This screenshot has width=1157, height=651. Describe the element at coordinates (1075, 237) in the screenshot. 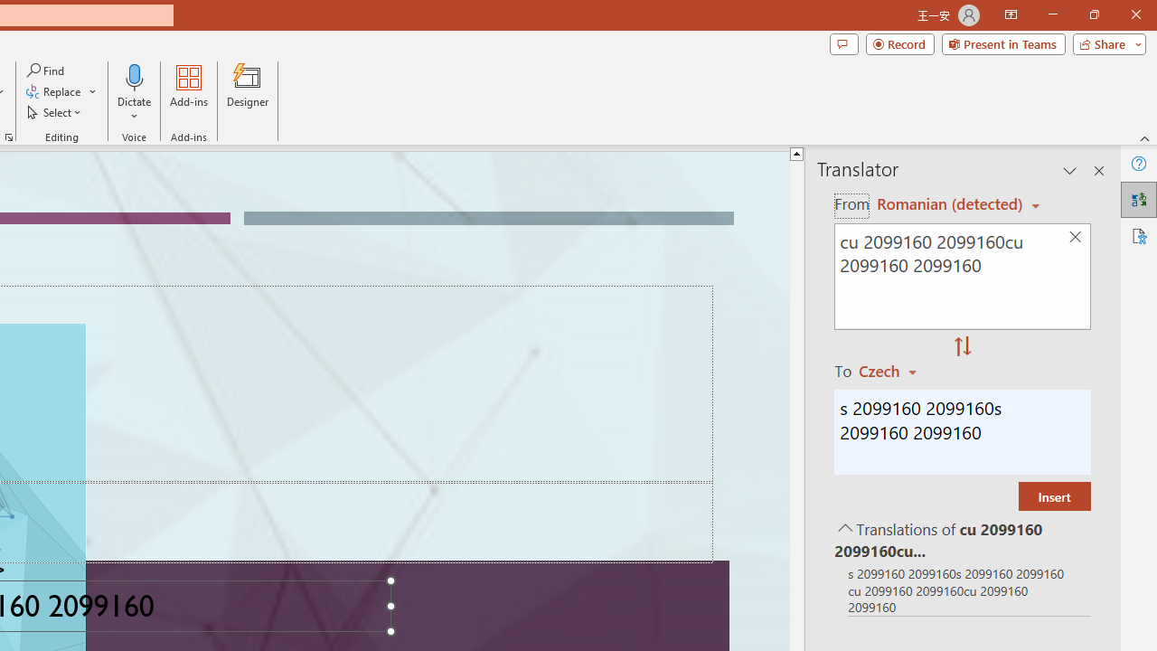

I see `'Clear text'` at that location.